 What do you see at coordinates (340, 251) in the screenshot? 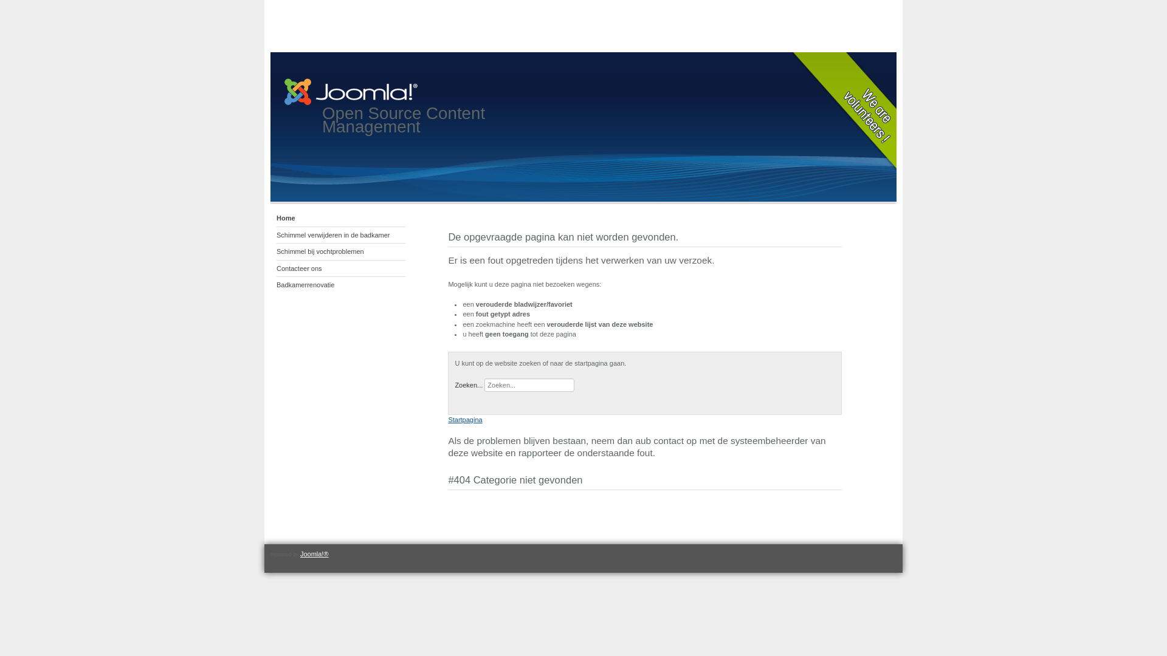
I see `'Schimmel bij vochtproblemen'` at bounding box center [340, 251].